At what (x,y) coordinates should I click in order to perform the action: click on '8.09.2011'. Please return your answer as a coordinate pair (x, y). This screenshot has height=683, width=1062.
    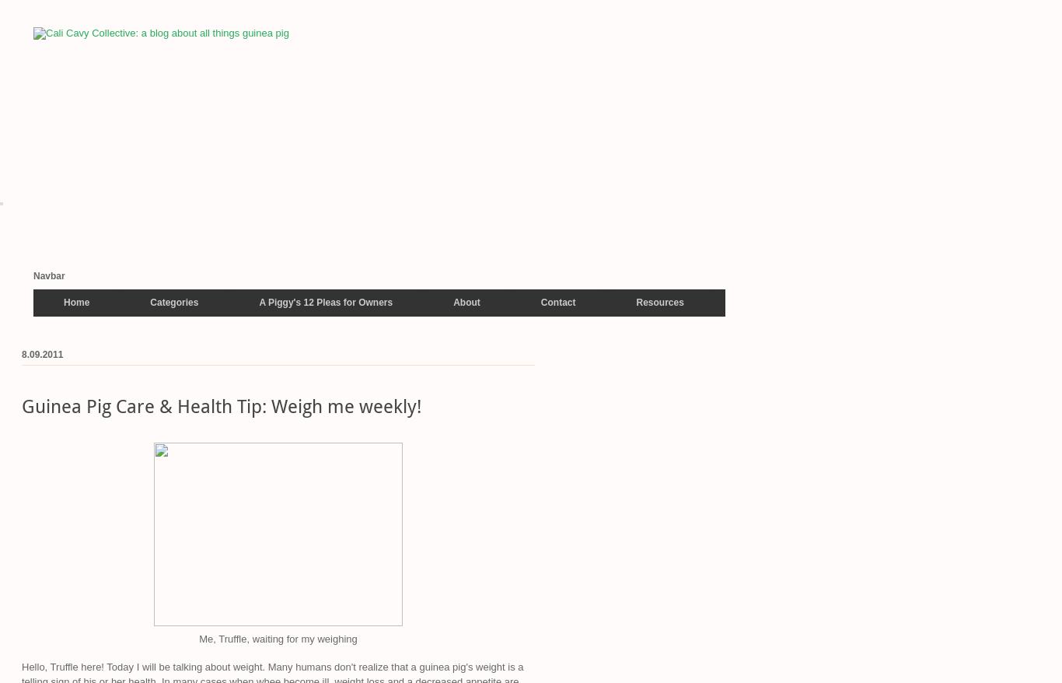
    Looking at the image, I should click on (42, 354).